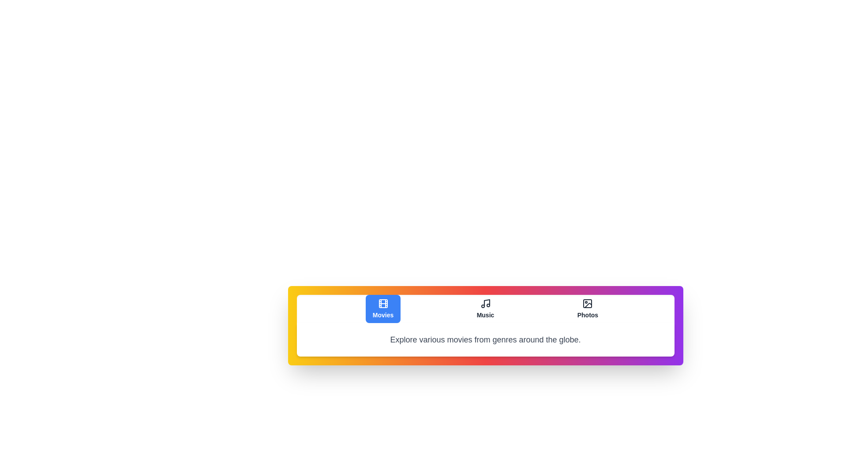  What do you see at coordinates (383, 309) in the screenshot?
I see `the Movies tab to view its content` at bounding box center [383, 309].